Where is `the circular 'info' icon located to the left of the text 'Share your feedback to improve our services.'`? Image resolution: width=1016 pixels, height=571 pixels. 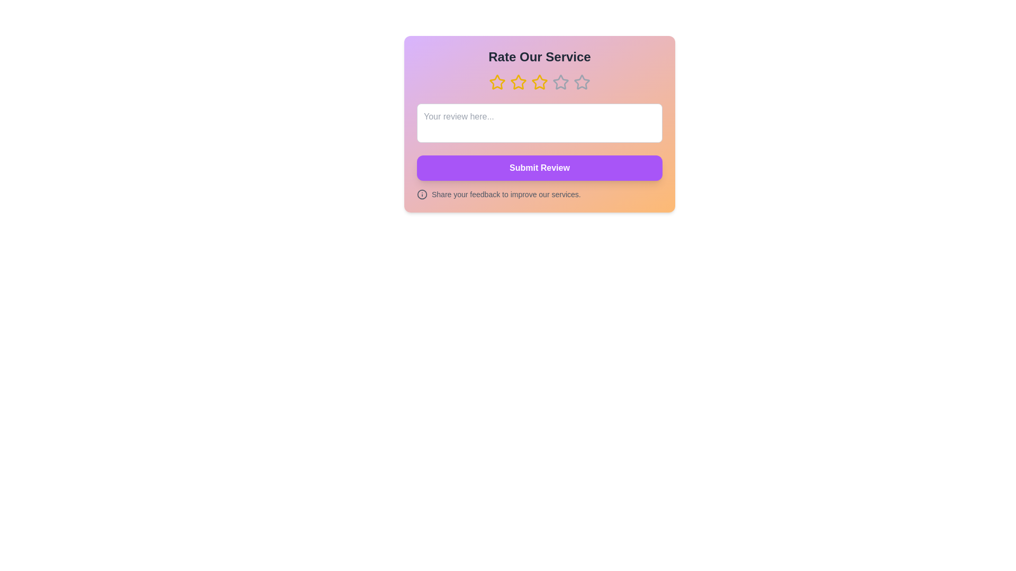 the circular 'info' icon located to the left of the text 'Share your feedback to improve our services.' is located at coordinates (421, 194).